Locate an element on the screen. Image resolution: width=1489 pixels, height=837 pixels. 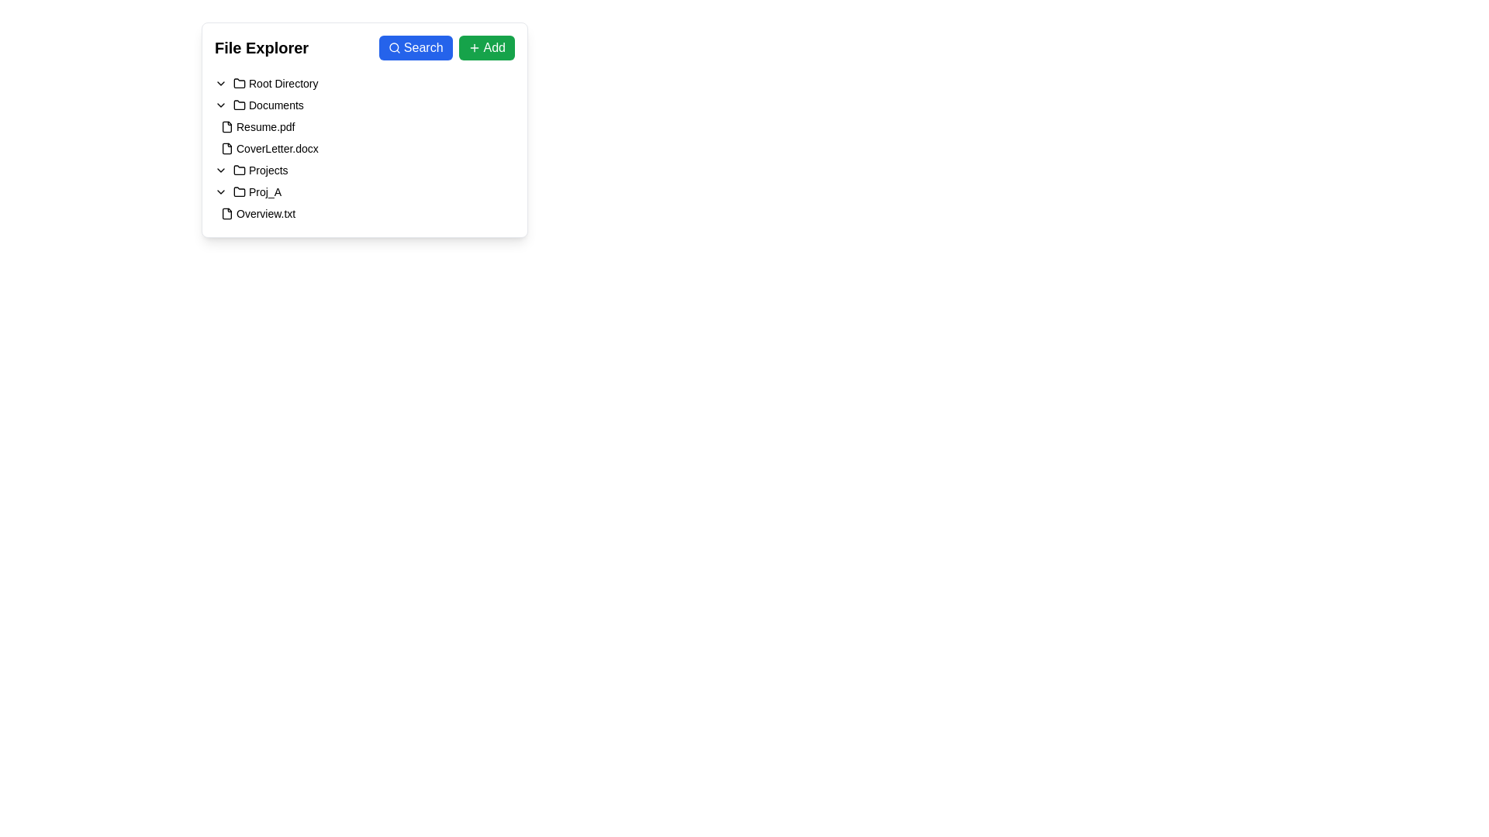
the text label representing the name of a specific file located below 'Resume.pdf' and above the 'Projects' folder is located at coordinates (277, 149).